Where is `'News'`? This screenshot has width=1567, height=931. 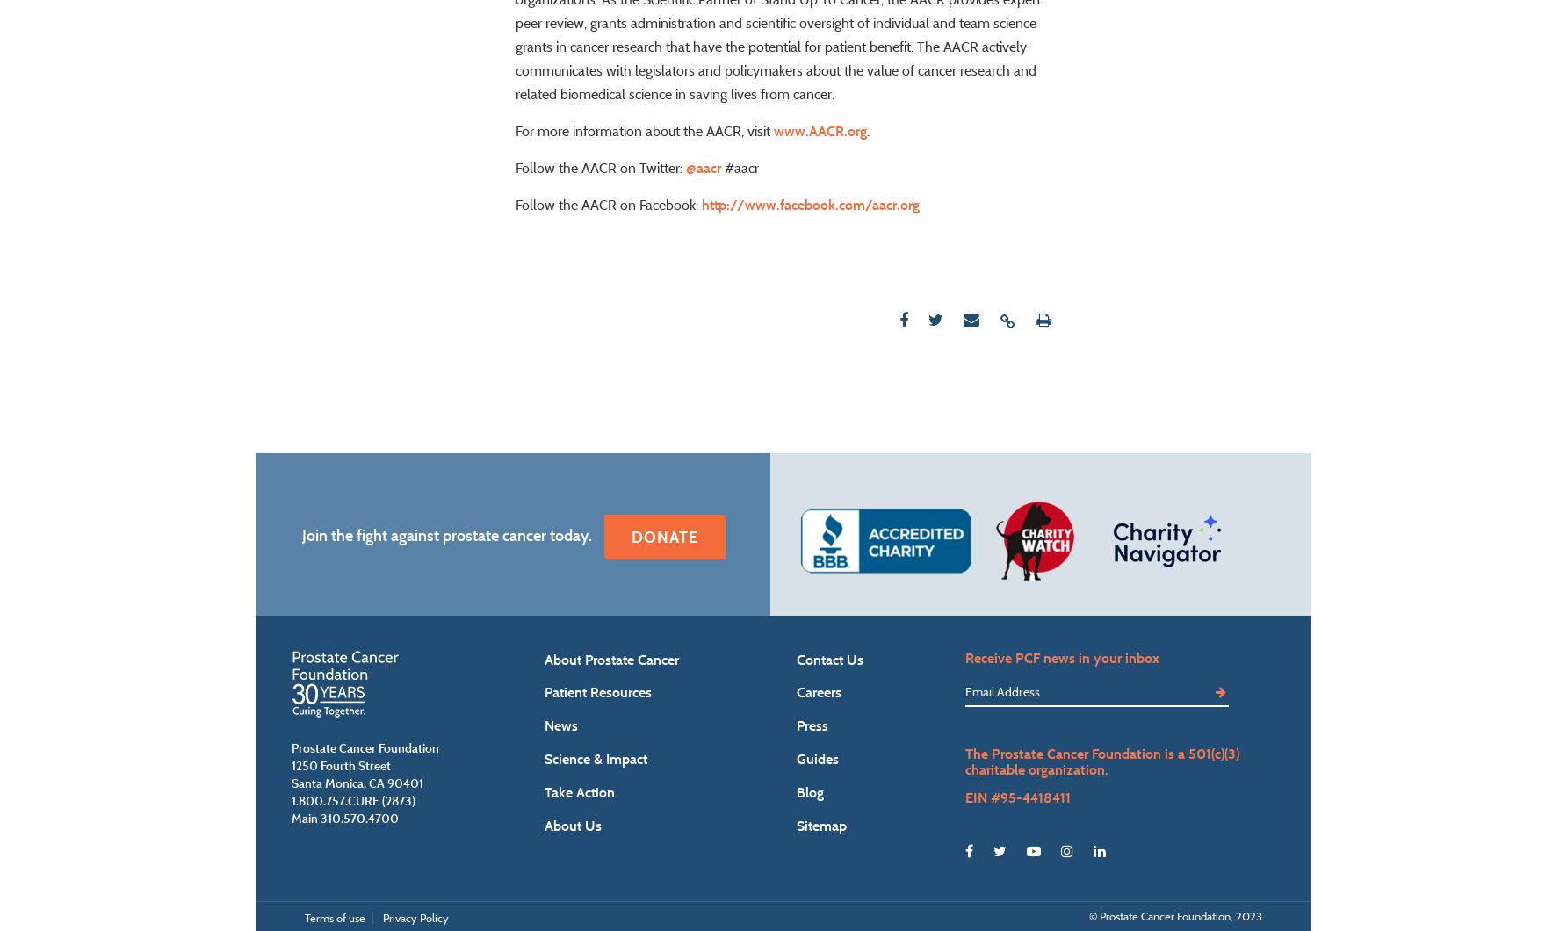 'News' is located at coordinates (543, 776).